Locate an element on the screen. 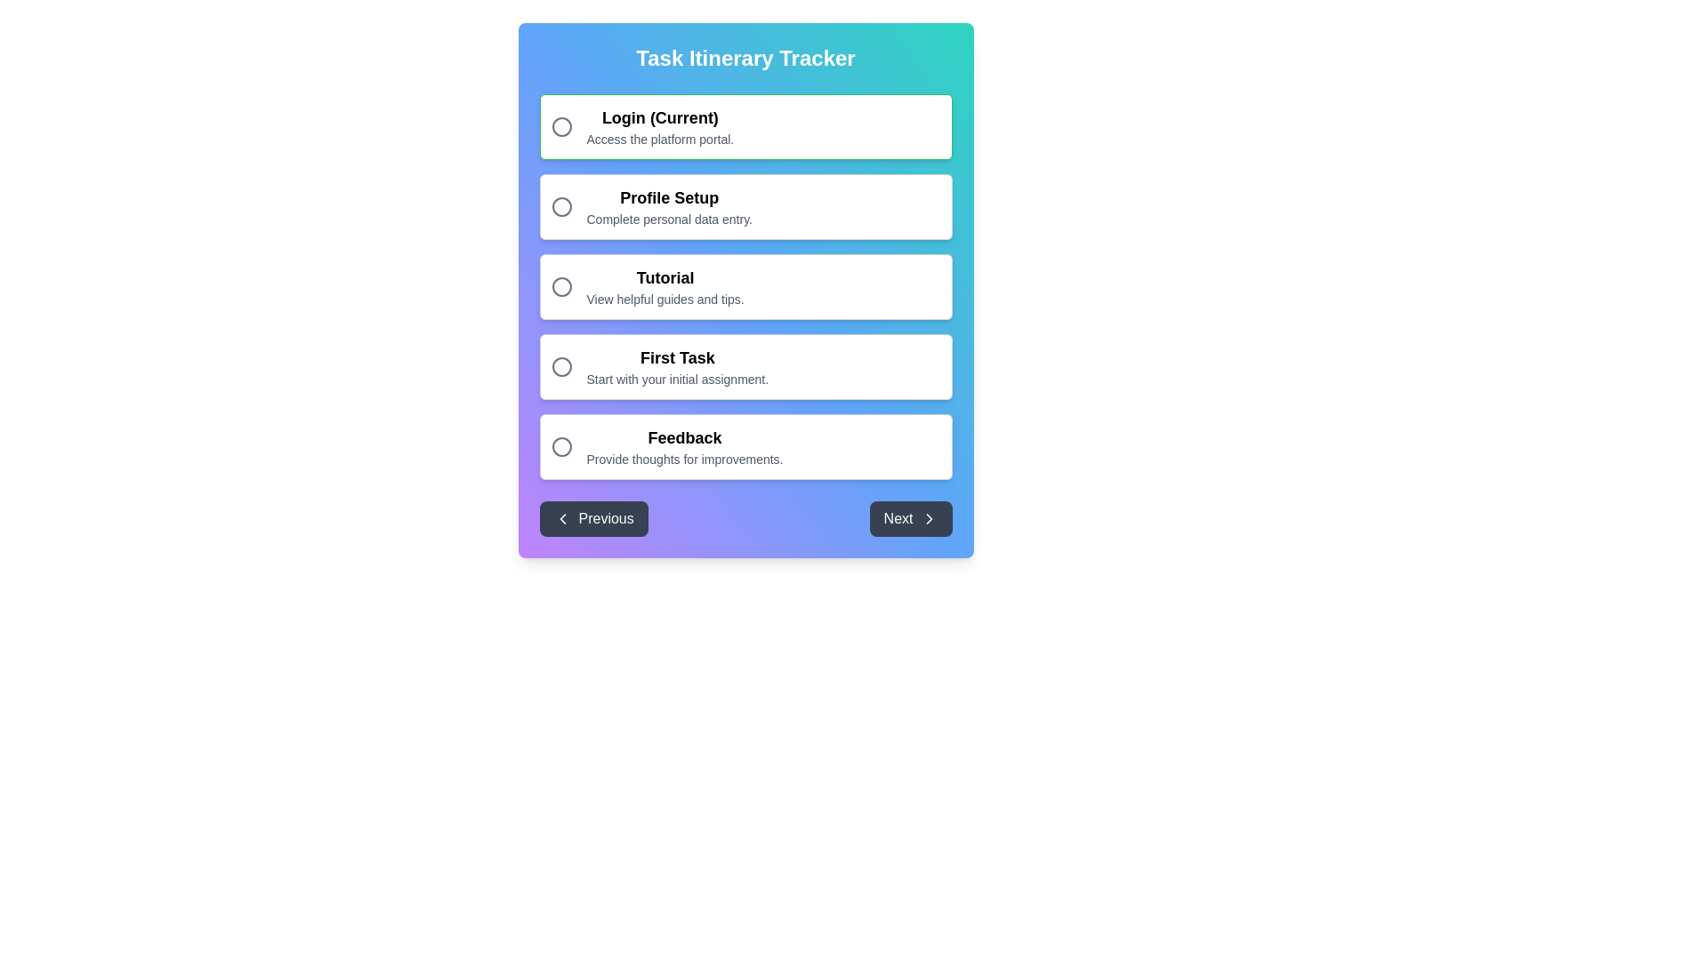 The image size is (1708, 960). the 'Previous' button containing the left-pointing chevron icon is located at coordinates (561, 518).